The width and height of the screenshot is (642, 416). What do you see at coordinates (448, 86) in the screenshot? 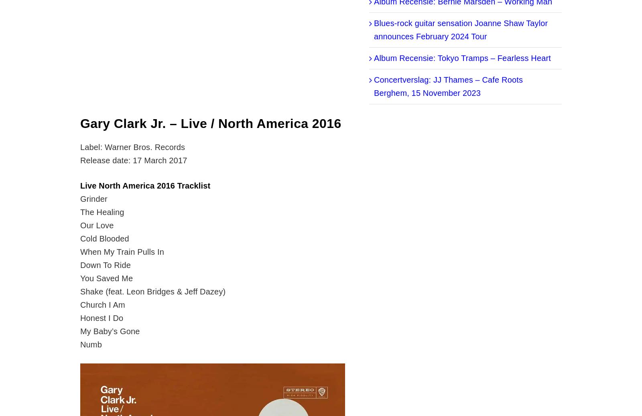
I see `'Concertverslag: JJ Thames – Cafe Roots Berghem, 15 November 2023'` at bounding box center [448, 86].